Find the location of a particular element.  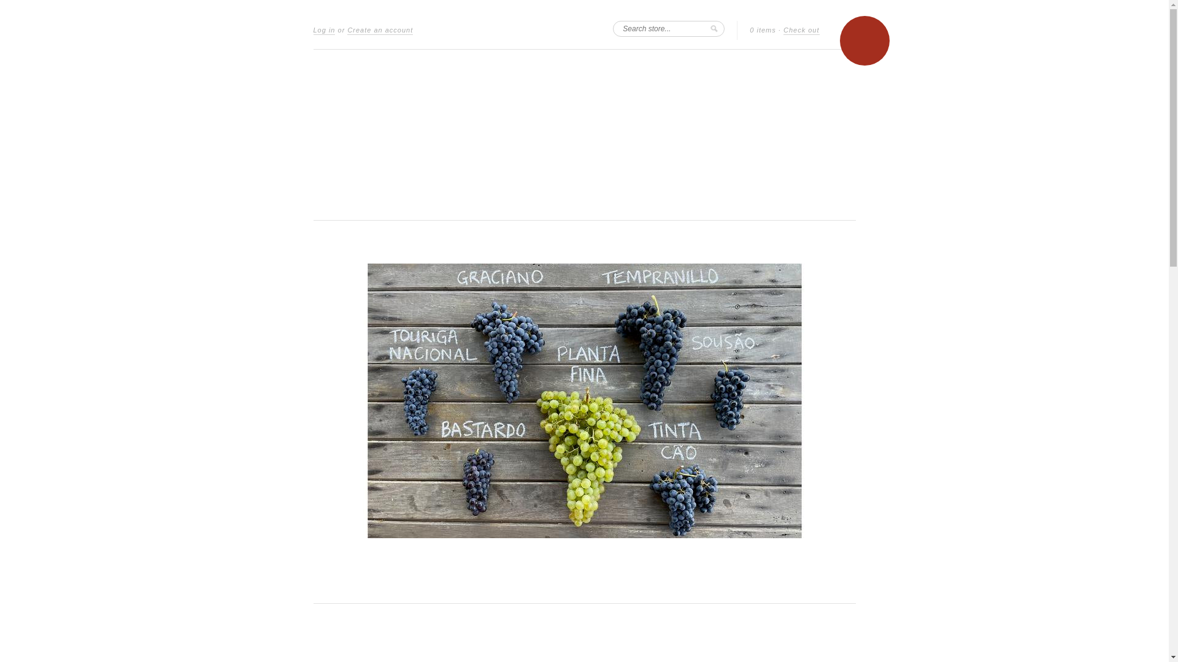

'0 items' is located at coordinates (762, 29).